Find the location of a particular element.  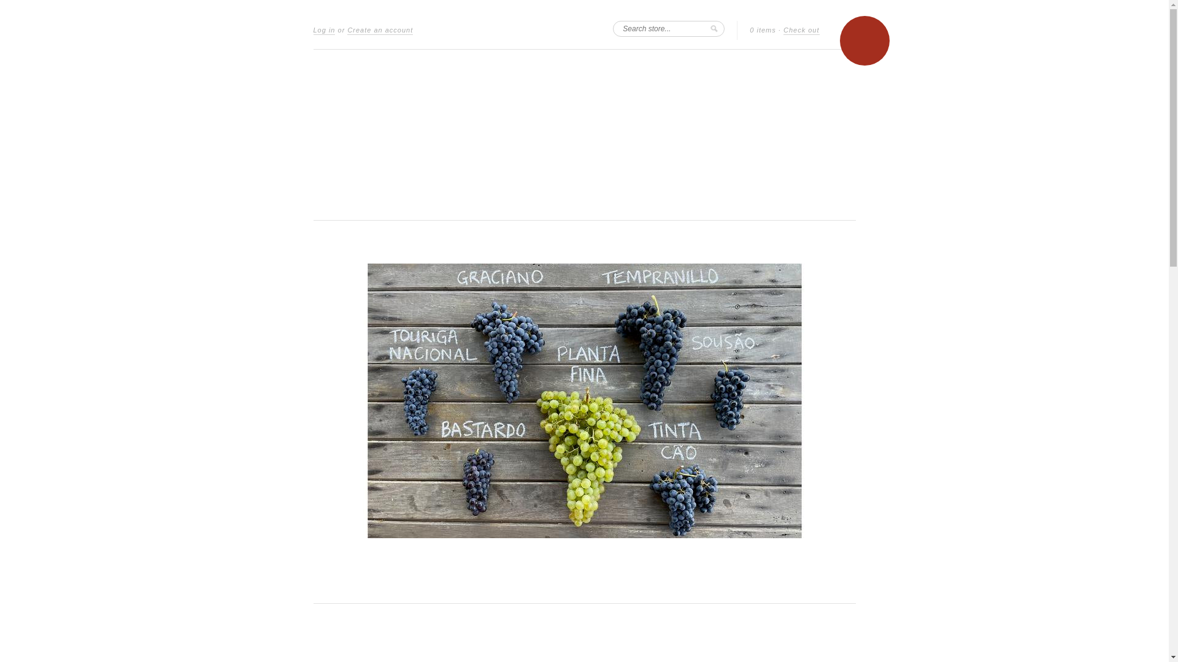

'0 items' is located at coordinates (762, 29).